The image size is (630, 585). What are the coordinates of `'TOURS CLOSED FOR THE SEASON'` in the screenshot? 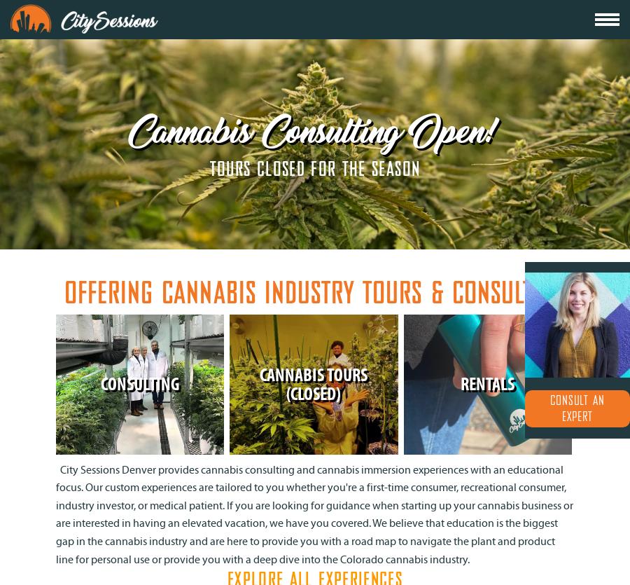 It's located at (314, 170).